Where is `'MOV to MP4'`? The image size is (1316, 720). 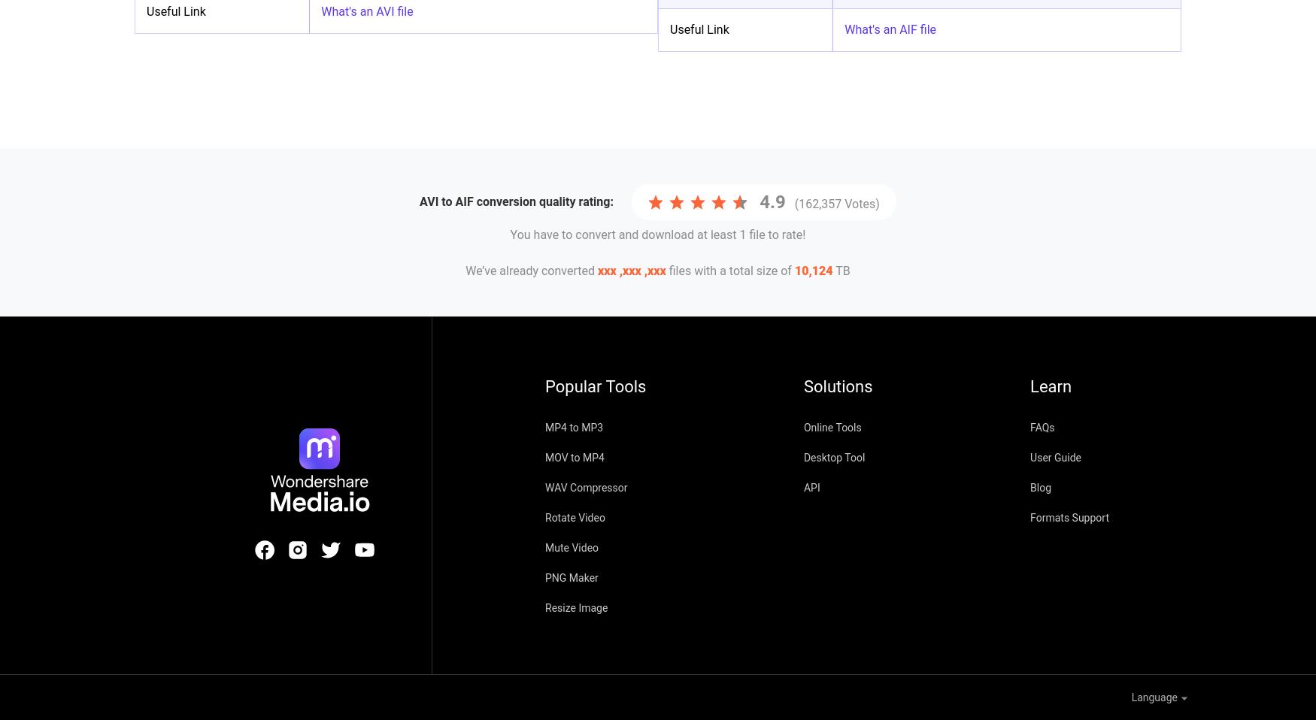 'MOV to MP4' is located at coordinates (574, 458).